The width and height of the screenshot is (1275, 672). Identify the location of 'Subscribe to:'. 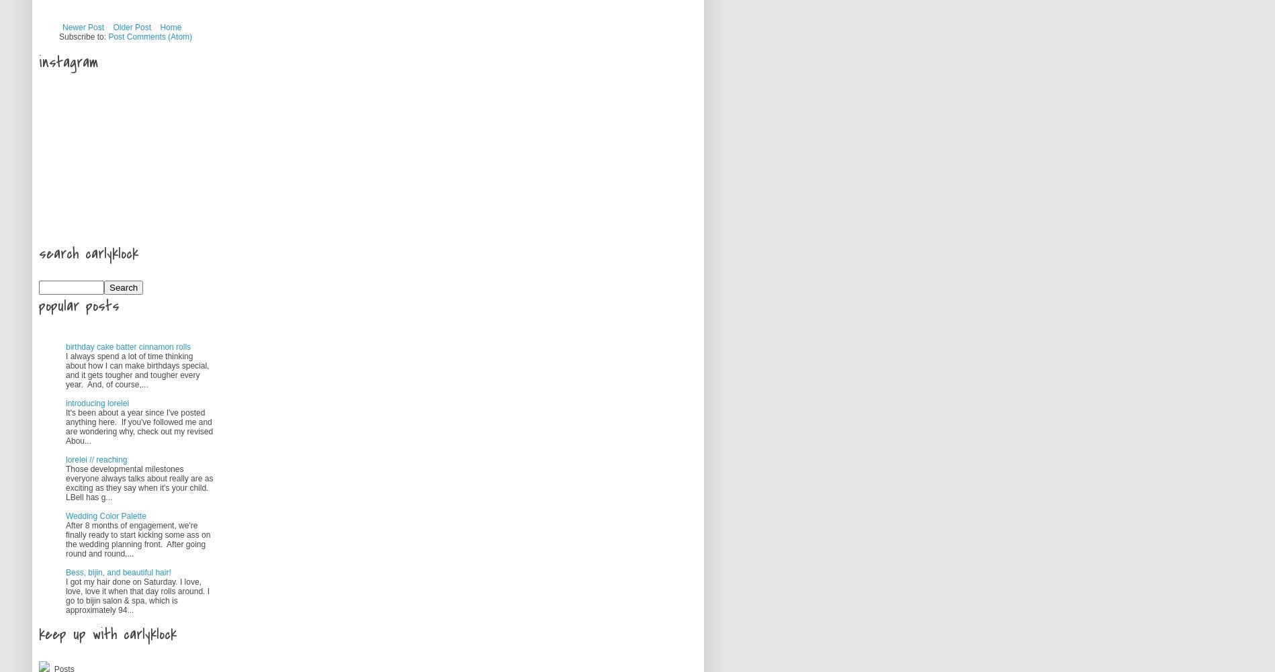
(83, 36).